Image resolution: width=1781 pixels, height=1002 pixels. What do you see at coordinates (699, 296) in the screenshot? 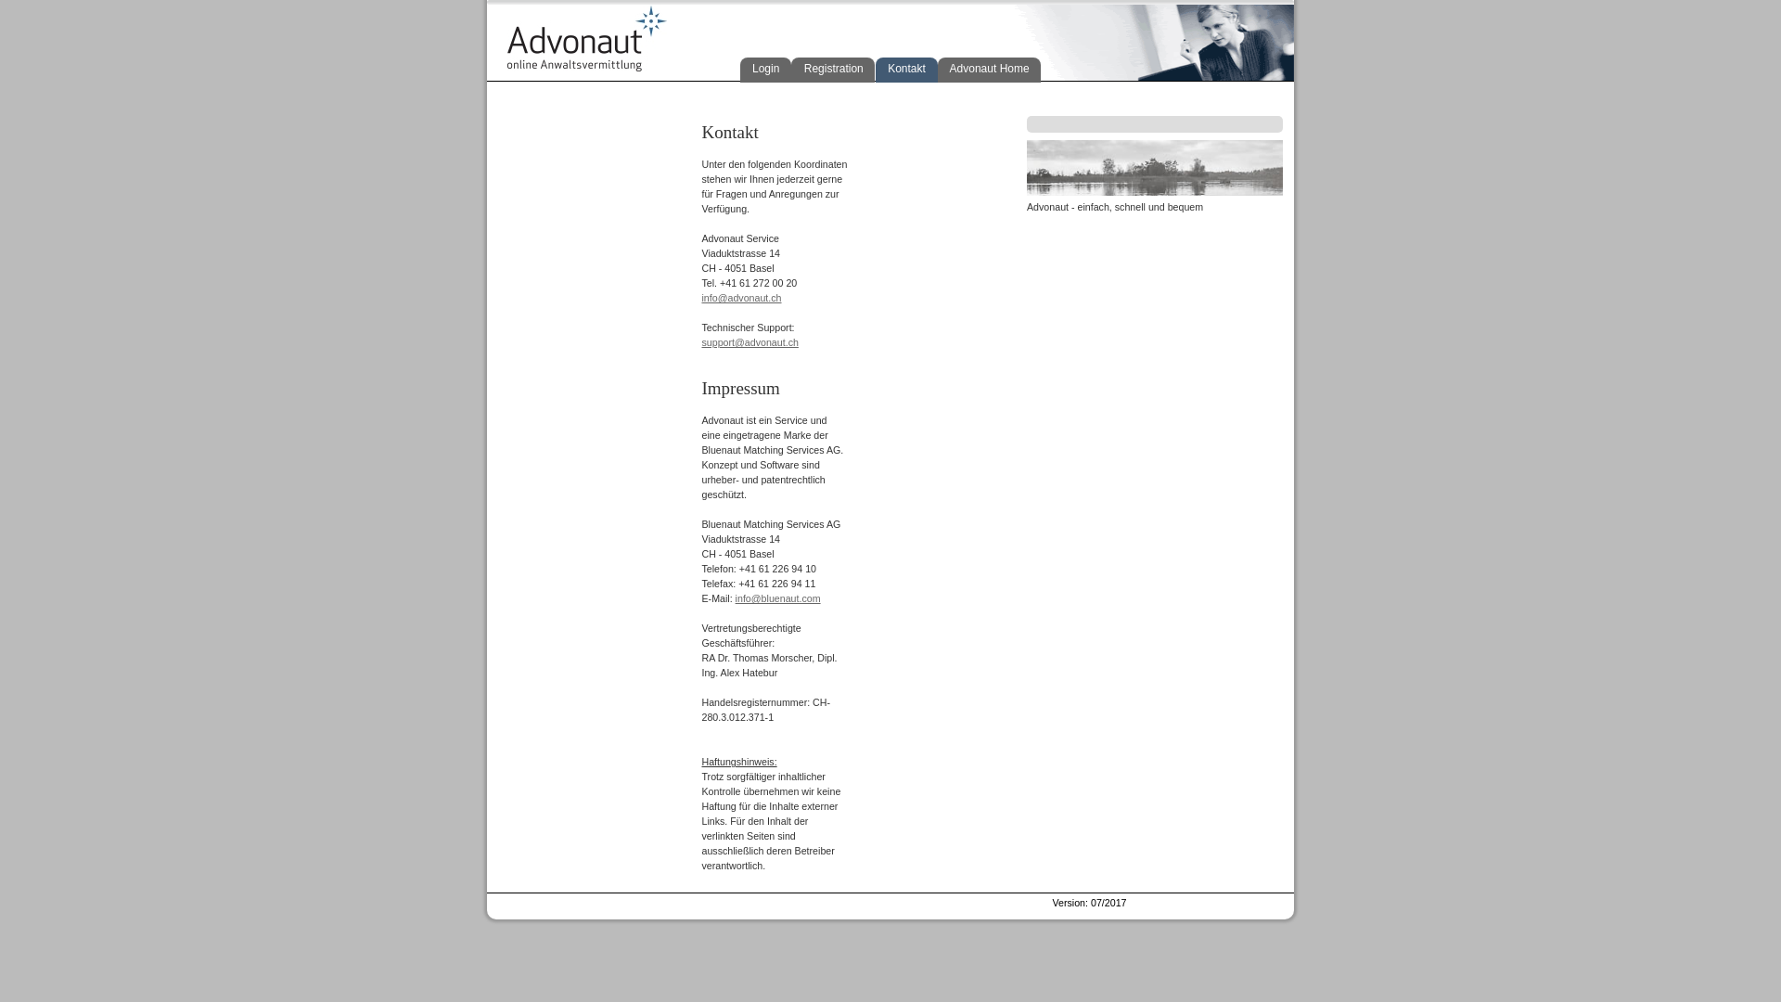
I see `'info@advonaut.ch'` at bounding box center [699, 296].